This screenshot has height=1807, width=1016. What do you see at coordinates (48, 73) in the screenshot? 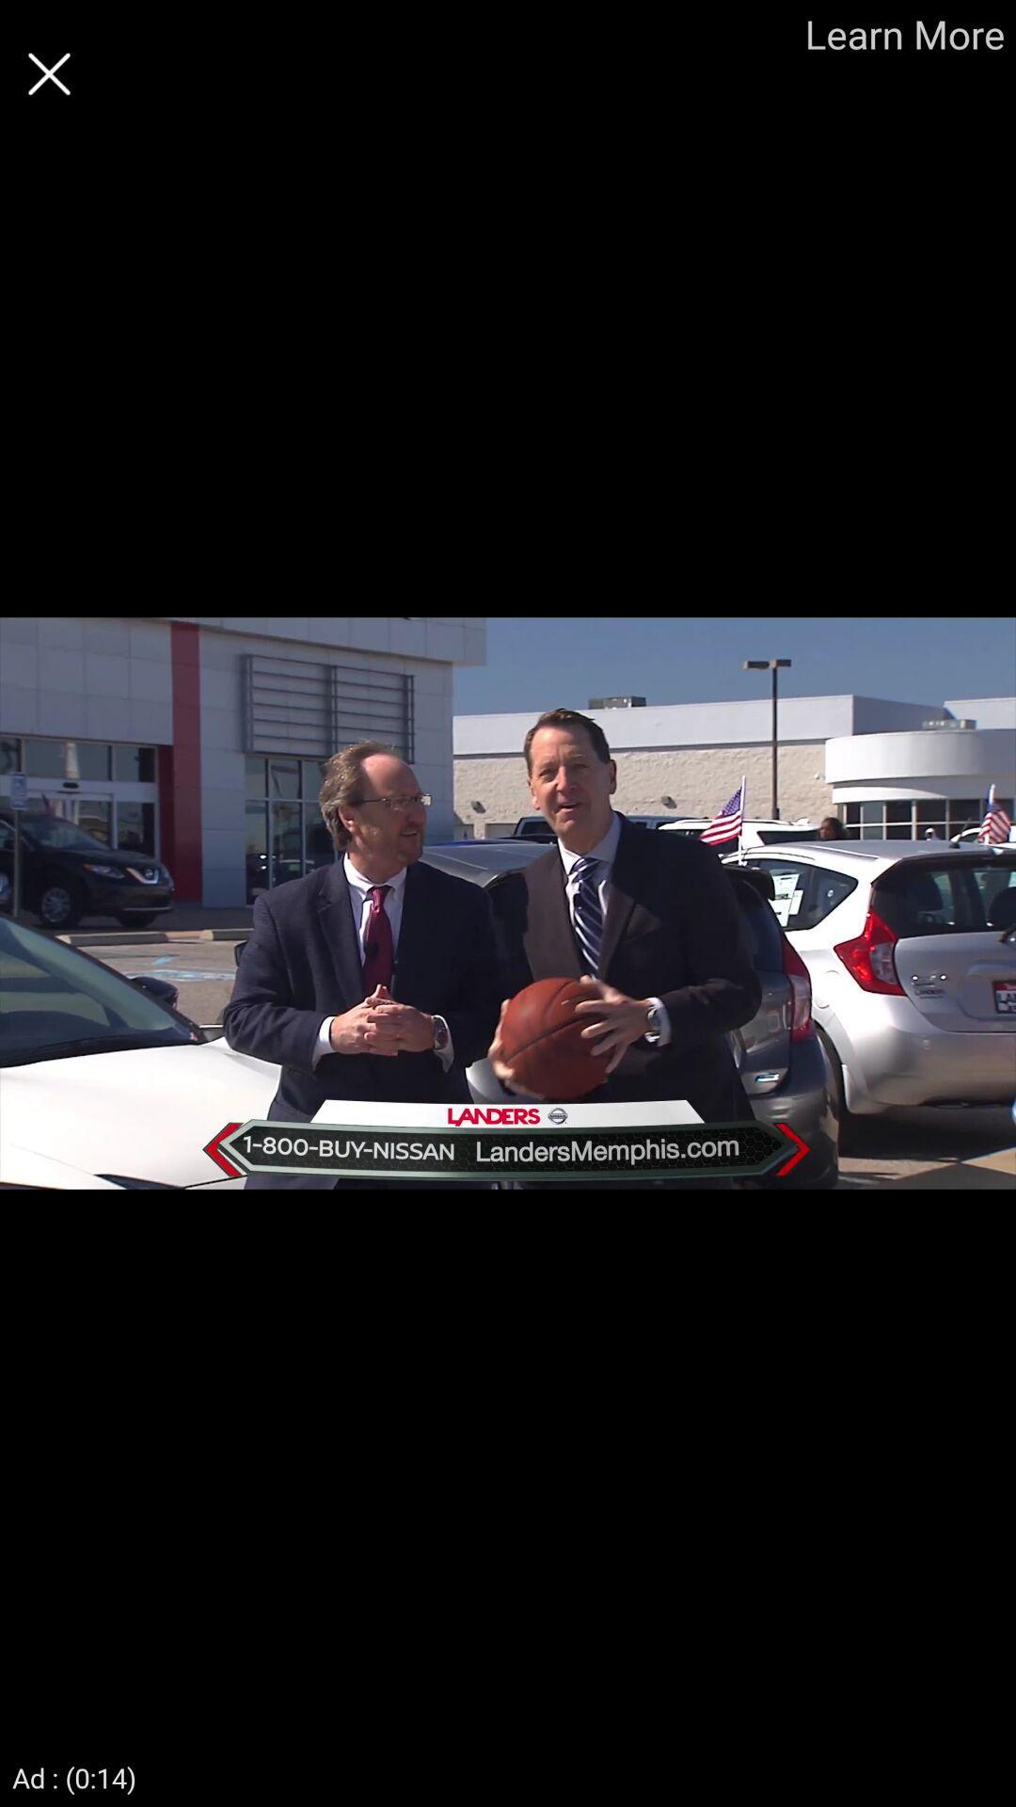
I see `button` at bounding box center [48, 73].